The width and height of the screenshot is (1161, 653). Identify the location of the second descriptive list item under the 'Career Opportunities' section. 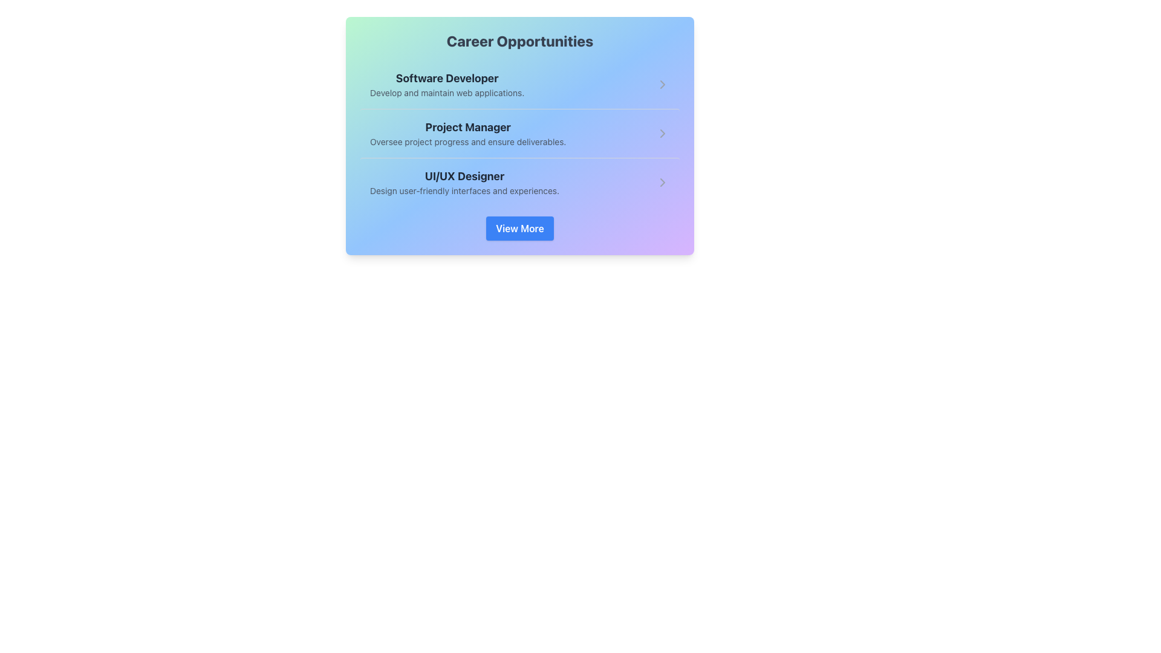
(519, 133).